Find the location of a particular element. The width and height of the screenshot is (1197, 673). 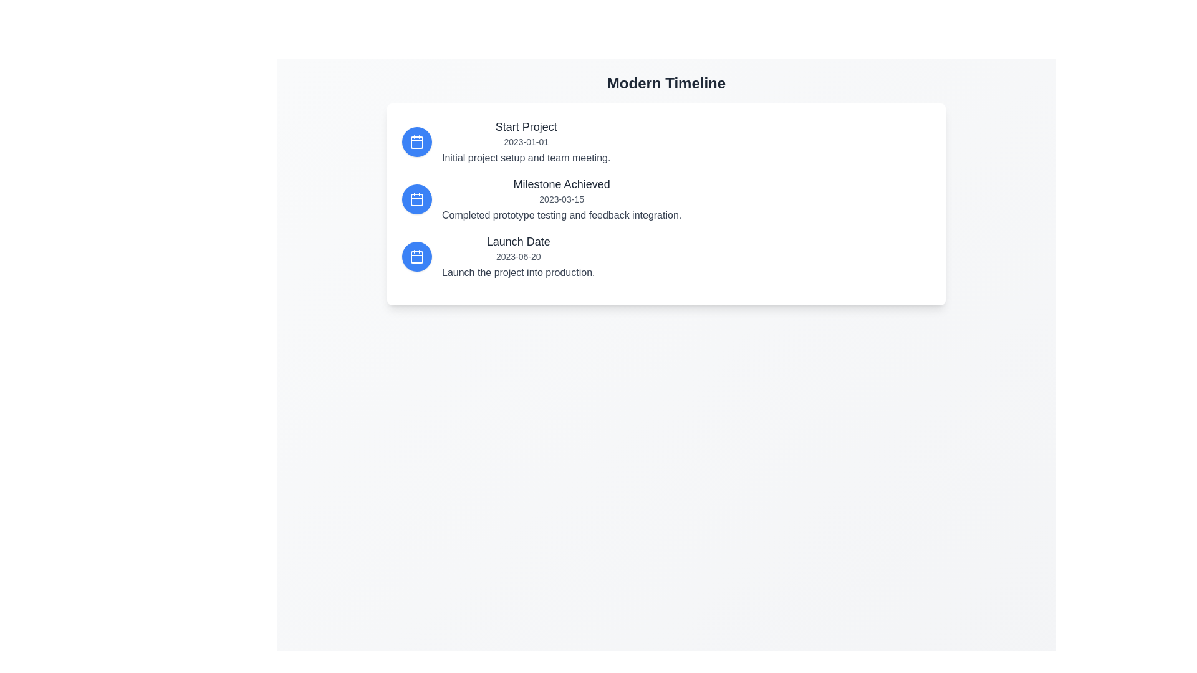

the 'Launch Date' text label in the third listing of the vertical timeline, which serves as a header indicating the type of event is located at coordinates (518, 242).